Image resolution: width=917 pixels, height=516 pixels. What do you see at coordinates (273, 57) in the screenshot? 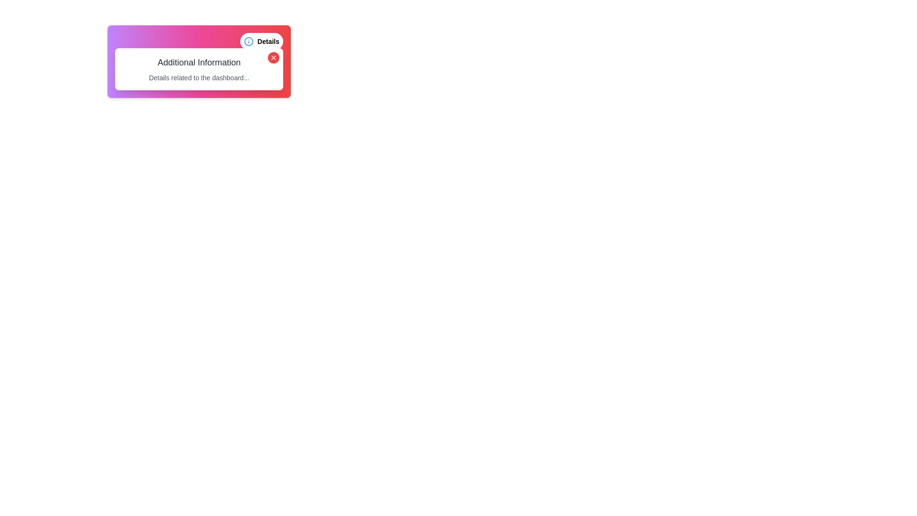
I see `the circular red button with a white cross icon located at the top-right corner of the card` at bounding box center [273, 57].